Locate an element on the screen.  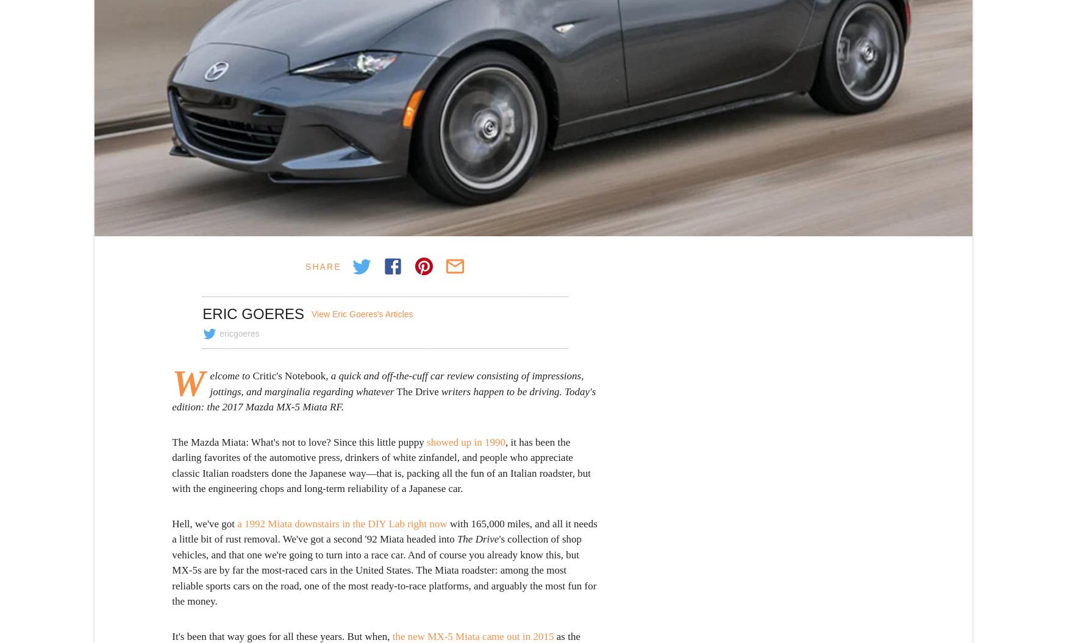
'showed up in 1990' is located at coordinates (465, 441).